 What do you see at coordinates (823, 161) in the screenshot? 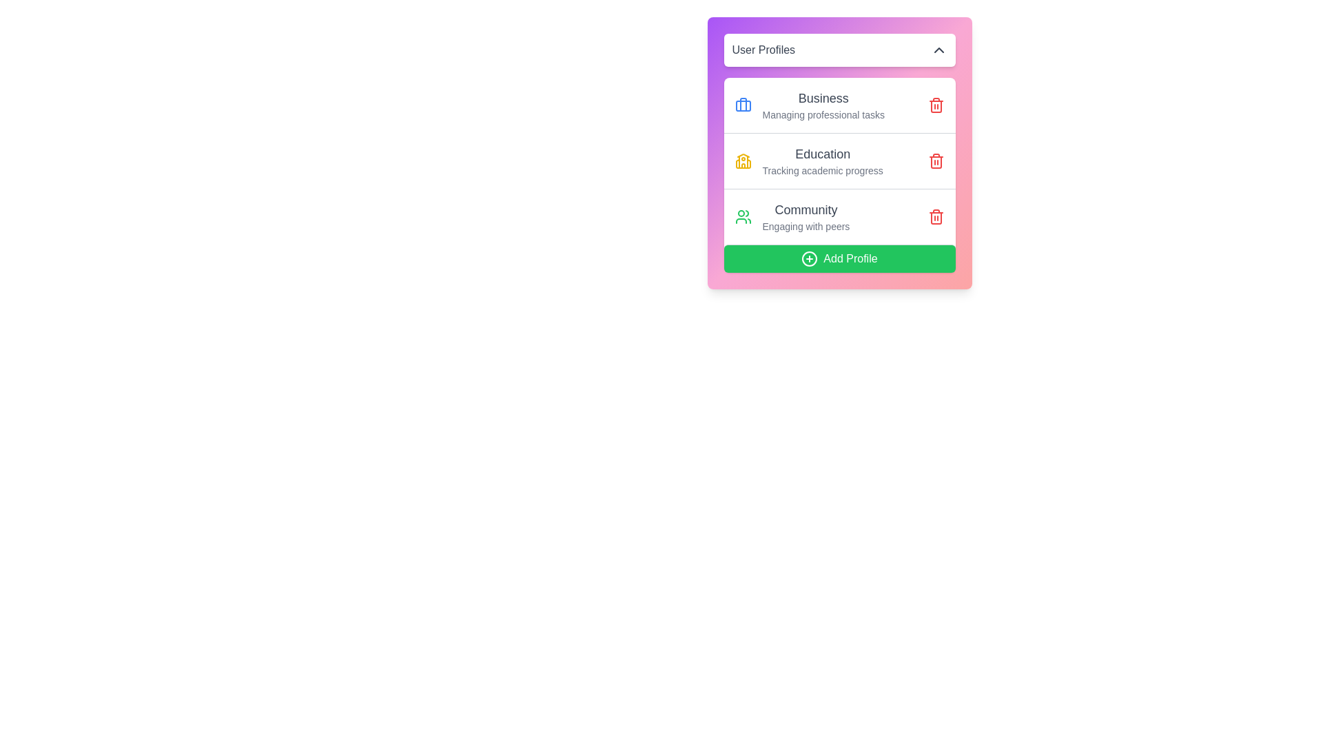
I see `the 'Education' text label, which serves as a label and description for the Education profile section located in the User Profiles card` at bounding box center [823, 161].